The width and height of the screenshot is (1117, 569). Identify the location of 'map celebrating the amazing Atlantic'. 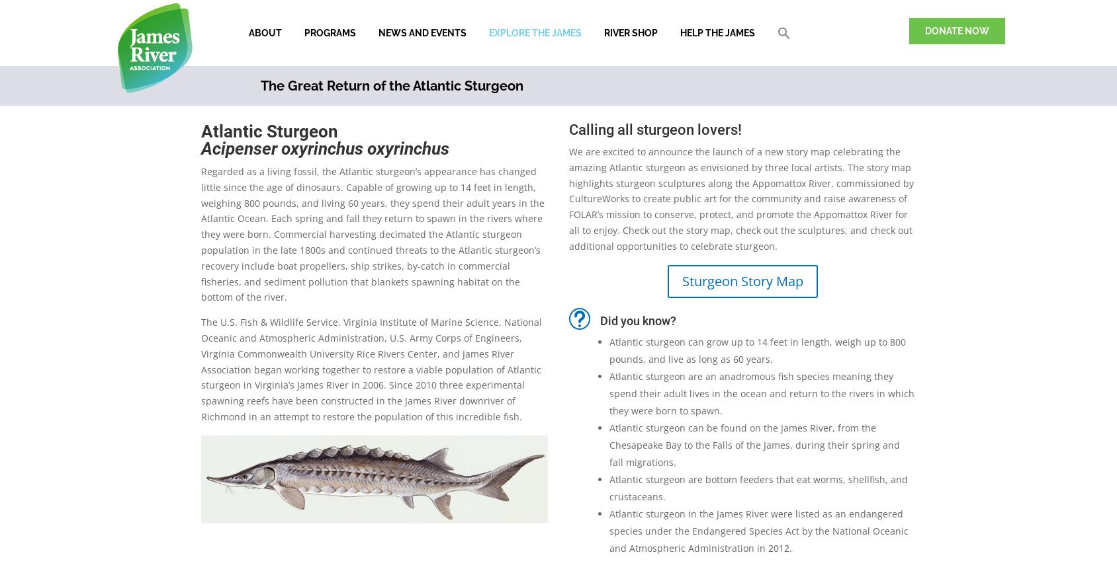
(734, 158).